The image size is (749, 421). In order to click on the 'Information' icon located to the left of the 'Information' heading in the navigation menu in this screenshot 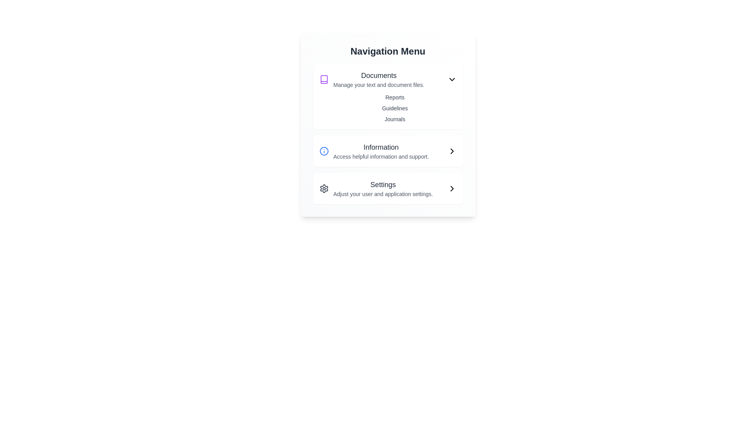, I will do `click(324, 151)`.